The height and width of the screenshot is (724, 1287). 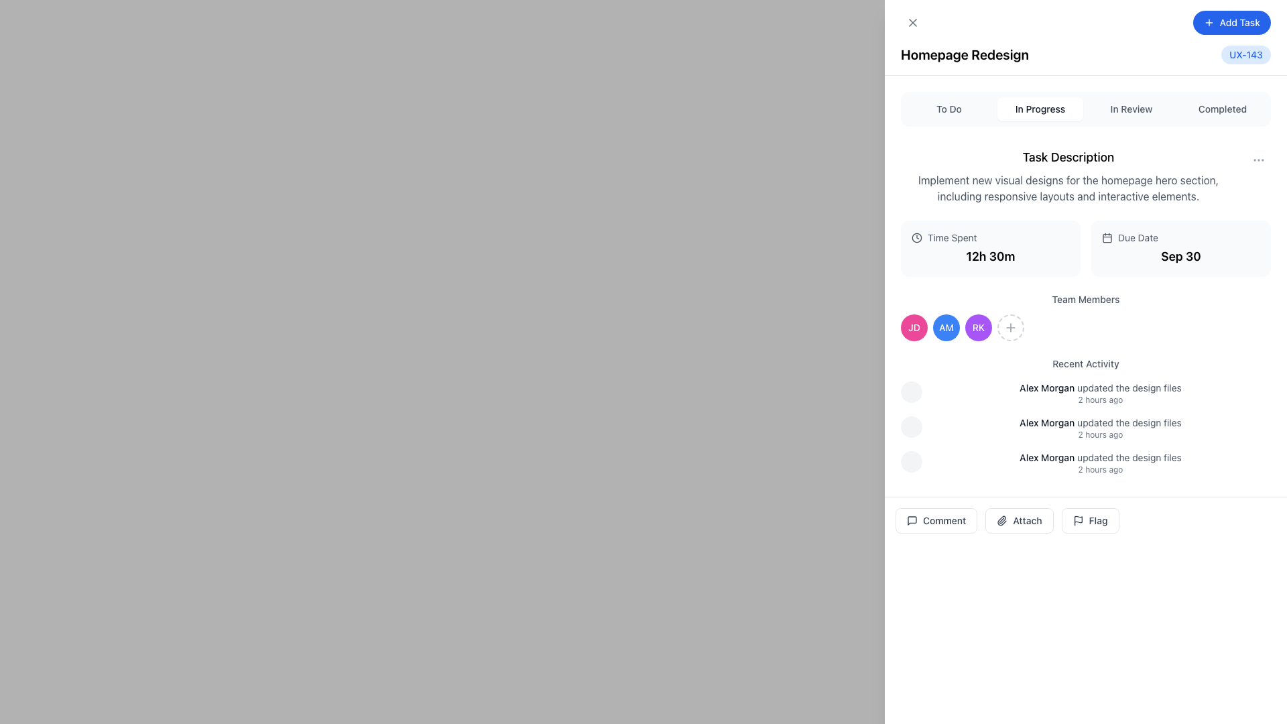 I want to click on the user name text label in the Recent Activity section, which is the first bolded text within the activity log, so click(x=1046, y=387).